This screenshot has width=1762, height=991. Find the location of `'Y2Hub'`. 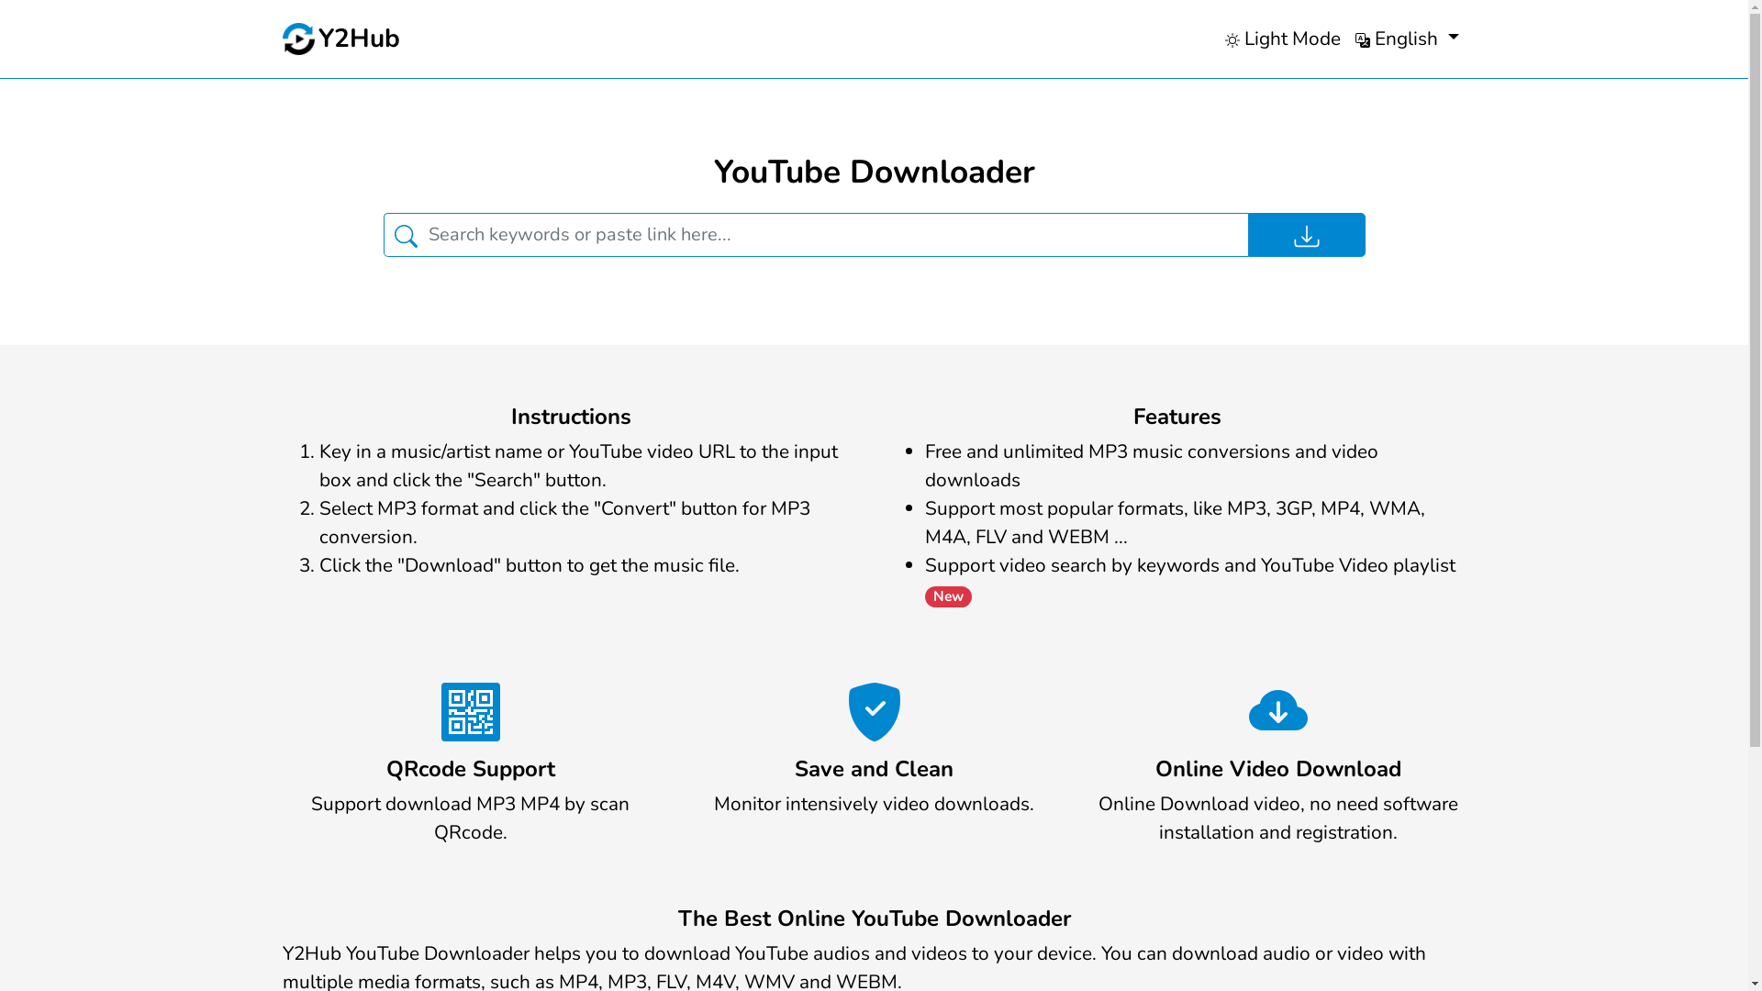

'Y2Hub' is located at coordinates (341, 39).